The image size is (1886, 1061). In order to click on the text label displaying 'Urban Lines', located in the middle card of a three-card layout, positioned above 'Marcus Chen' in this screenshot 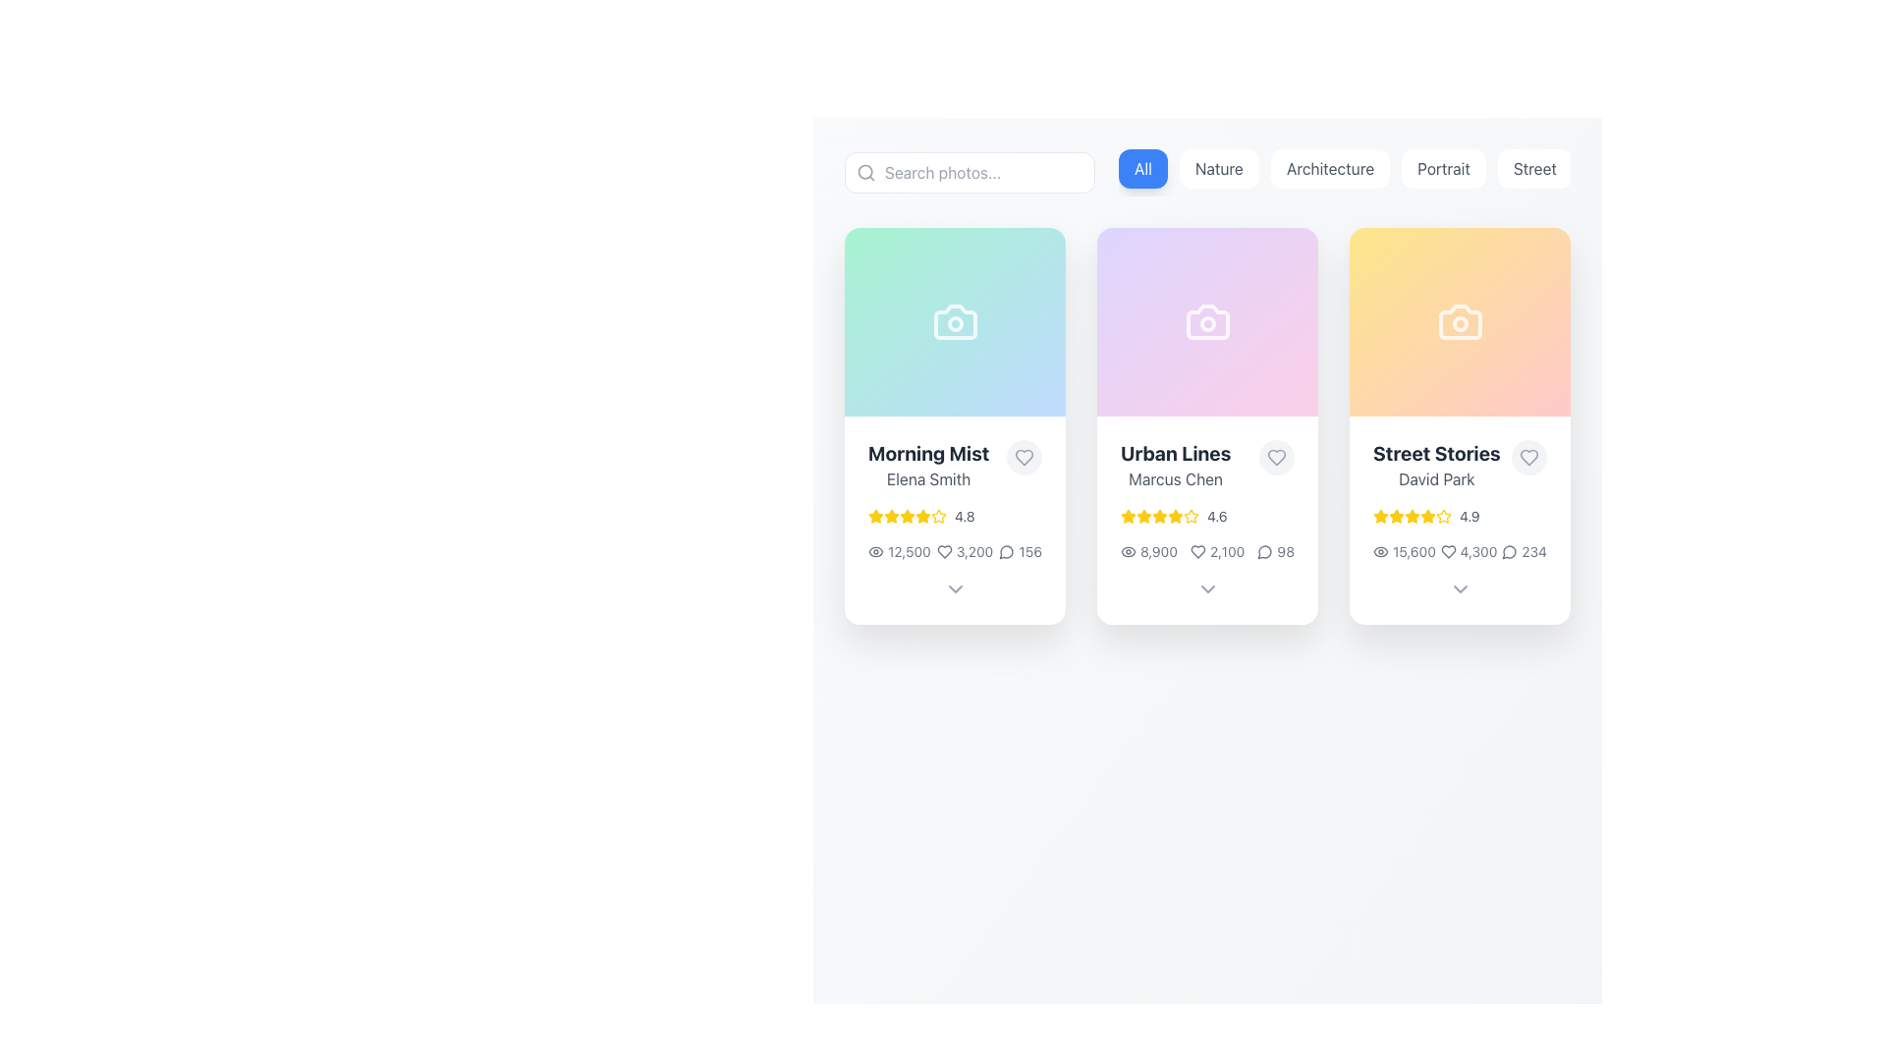, I will do `click(1176, 454)`.